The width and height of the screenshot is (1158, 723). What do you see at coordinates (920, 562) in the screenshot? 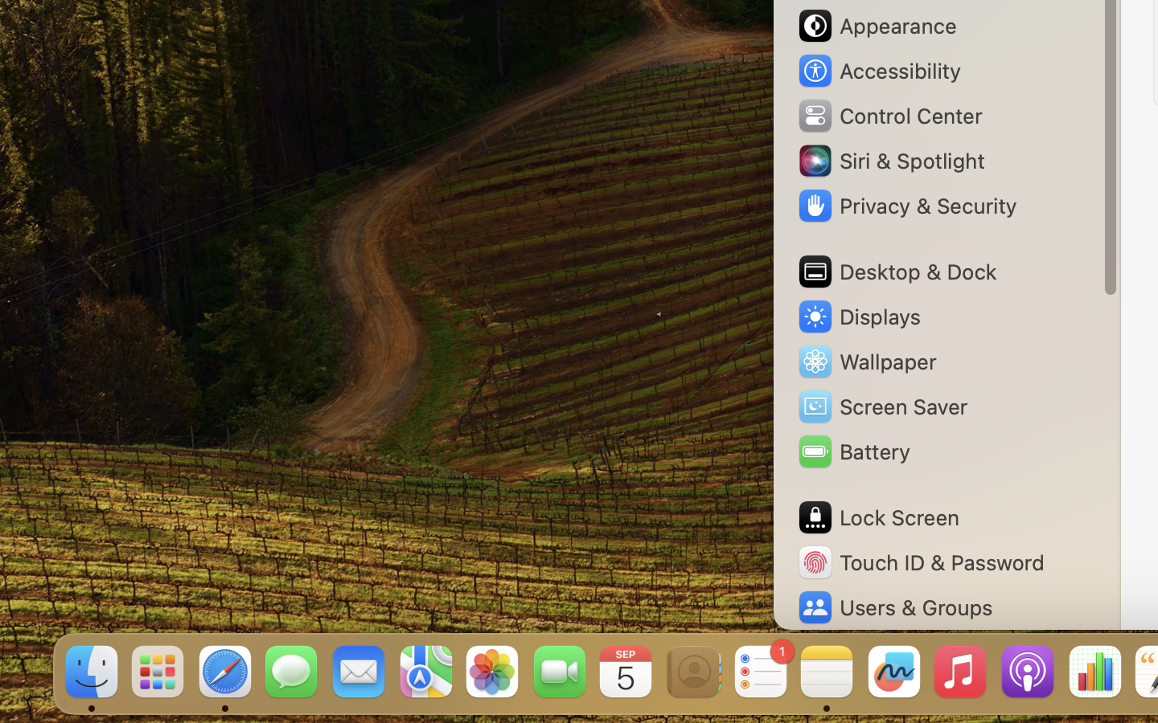
I see `'Touch ID & Password'` at bounding box center [920, 562].